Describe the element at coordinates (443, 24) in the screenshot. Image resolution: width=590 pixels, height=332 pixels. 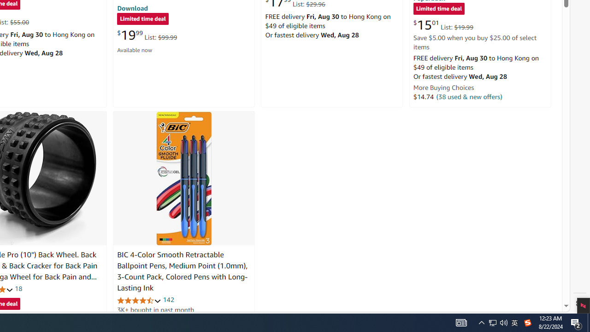
I see `'$15.01 List: $19.99'` at that location.